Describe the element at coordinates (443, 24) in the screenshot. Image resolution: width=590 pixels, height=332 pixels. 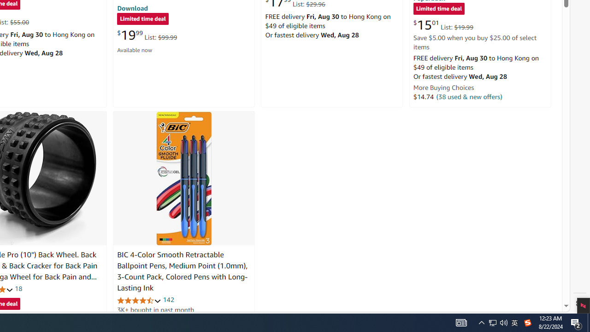
I see `'$15.01 List: $19.99'` at that location.